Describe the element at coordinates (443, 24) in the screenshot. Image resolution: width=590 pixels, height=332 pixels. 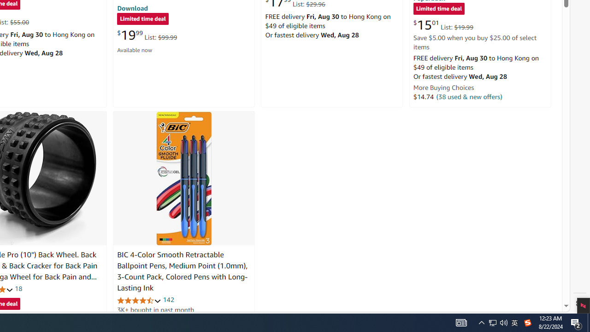
I see `'$15.01 List: $19.99'` at that location.